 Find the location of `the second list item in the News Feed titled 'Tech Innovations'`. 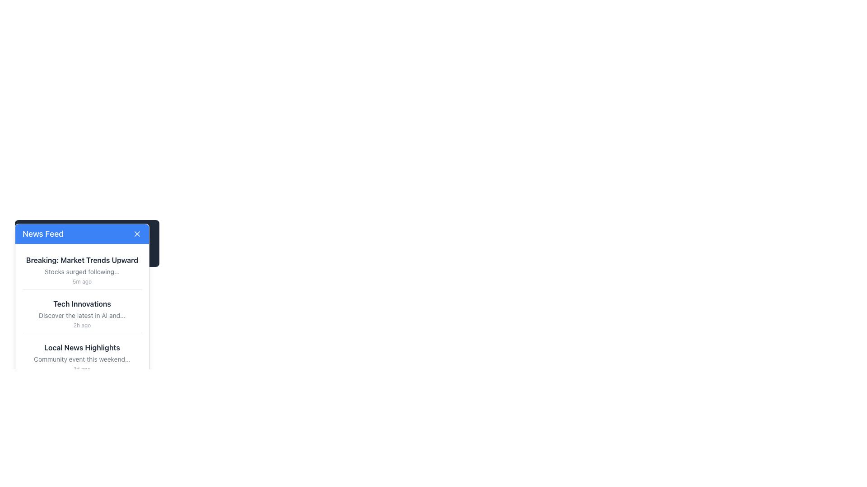

the second list item in the News Feed titled 'Tech Innovations' is located at coordinates (82, 313).